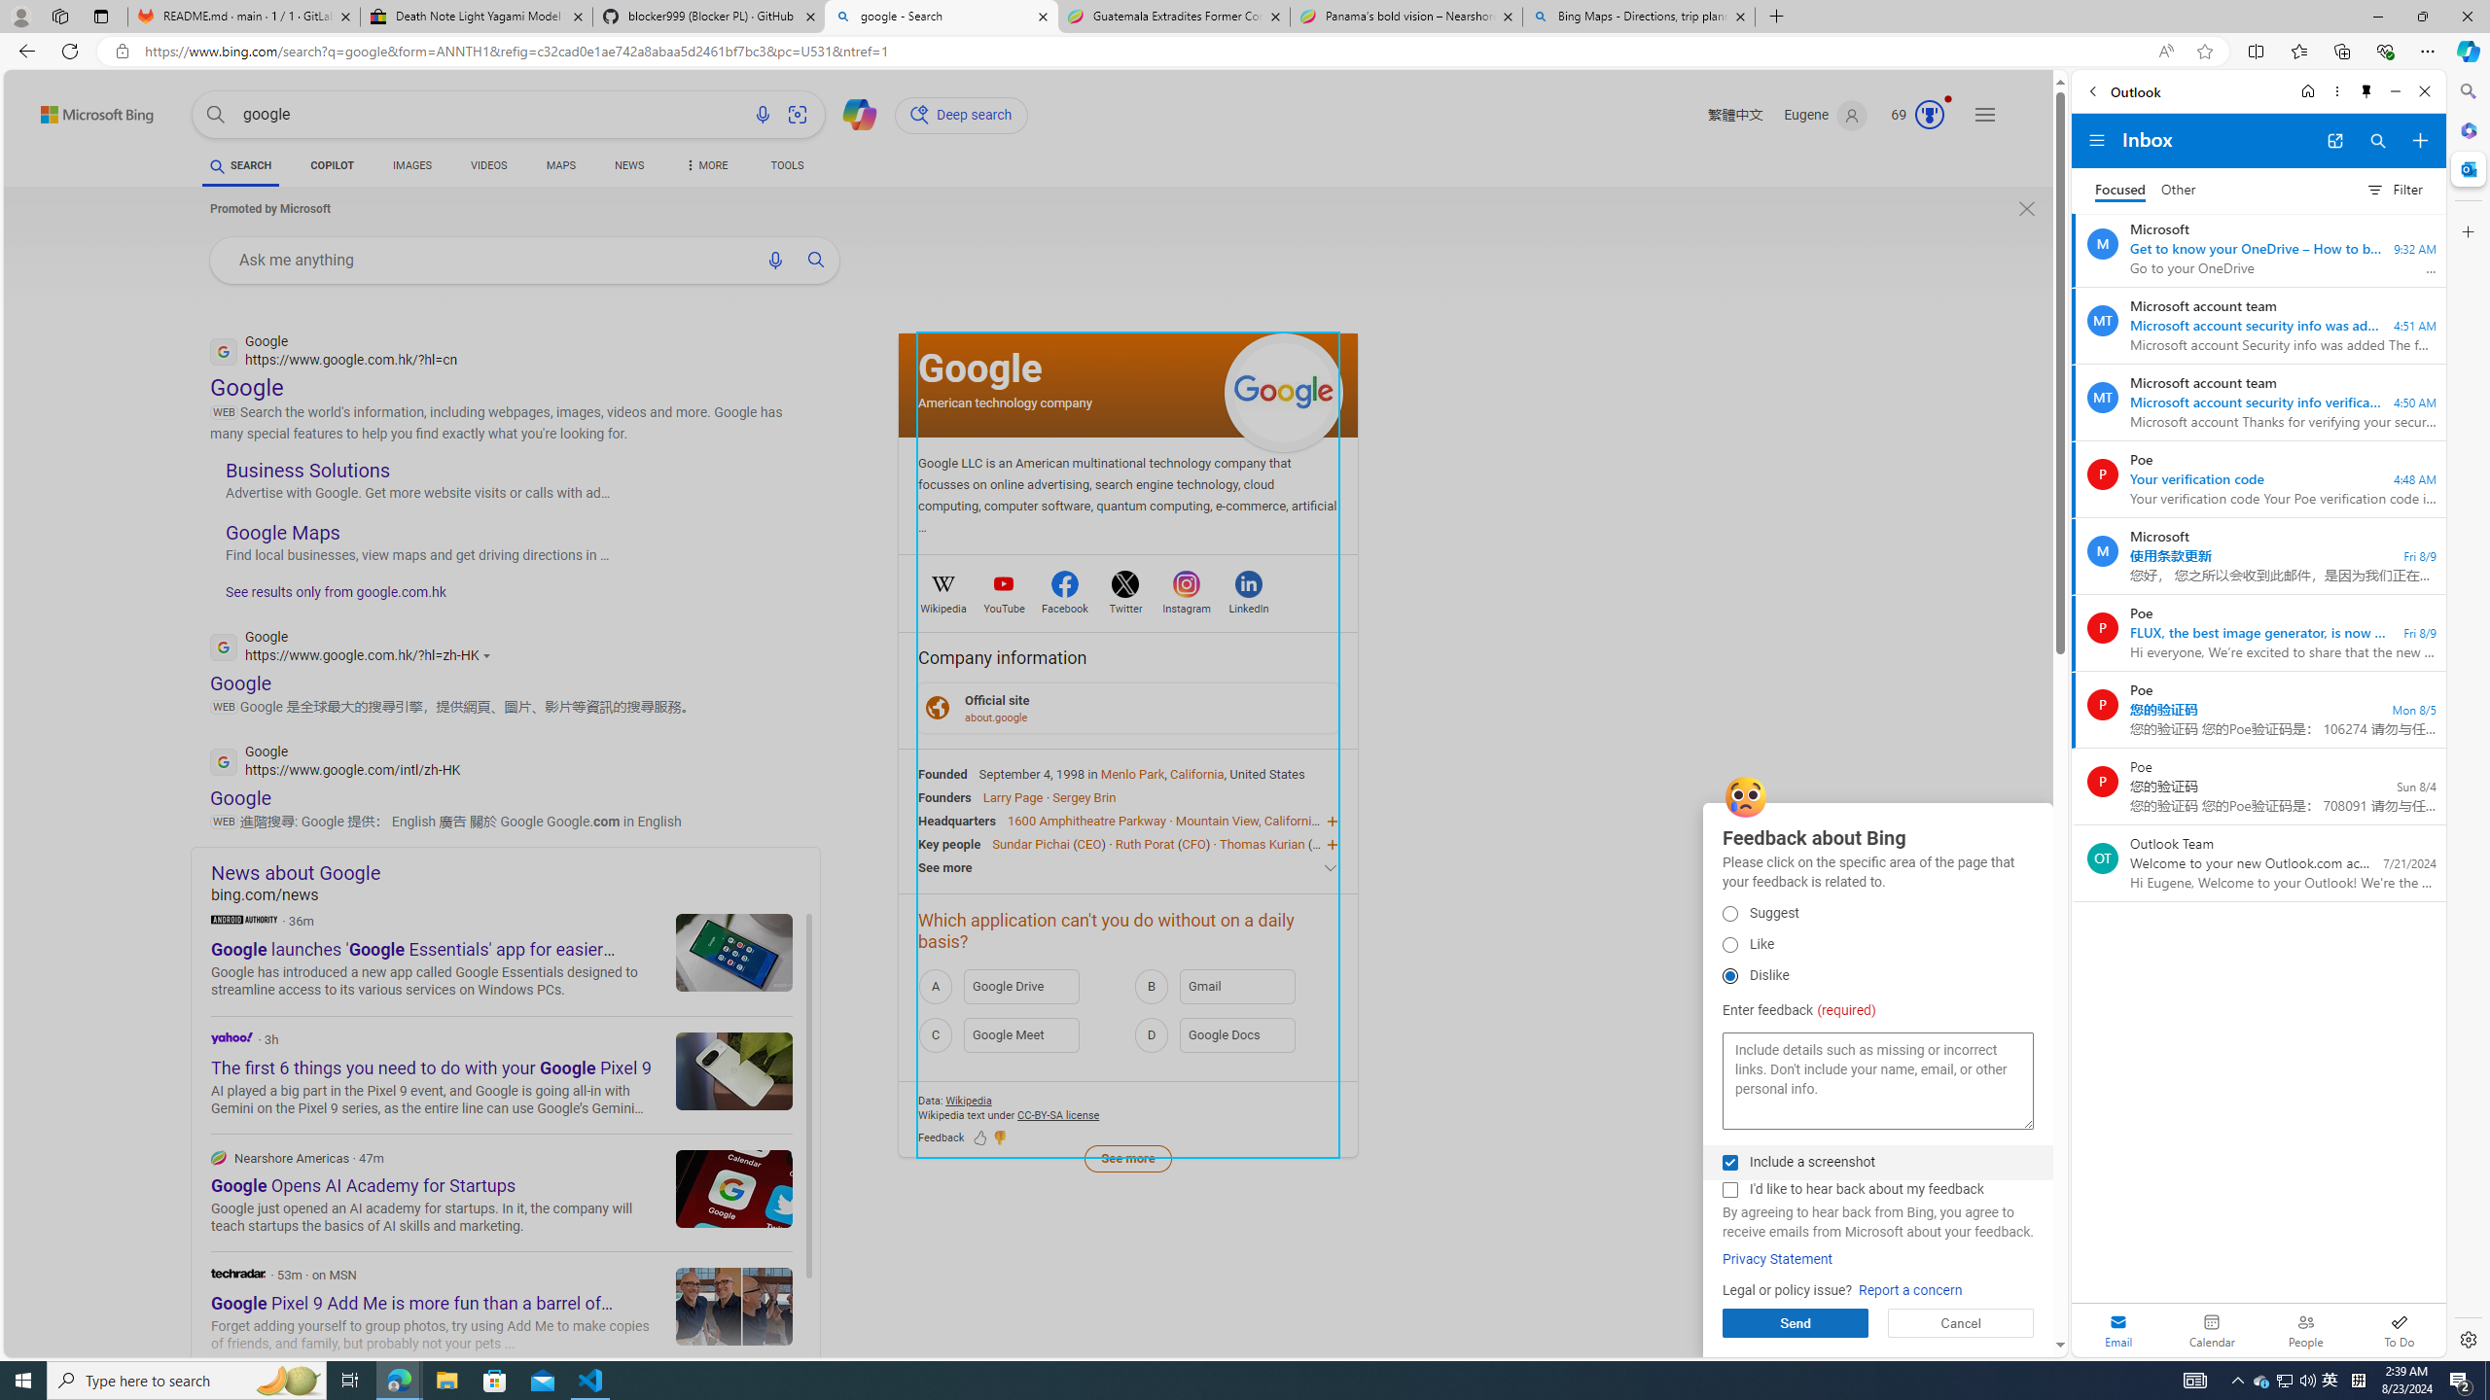 This screenshot has height=1400, width=2490. What do you see at coordinates (2394, 190) in the screenshot?
I see `'Filter'` at bounding box center [2394, 190].